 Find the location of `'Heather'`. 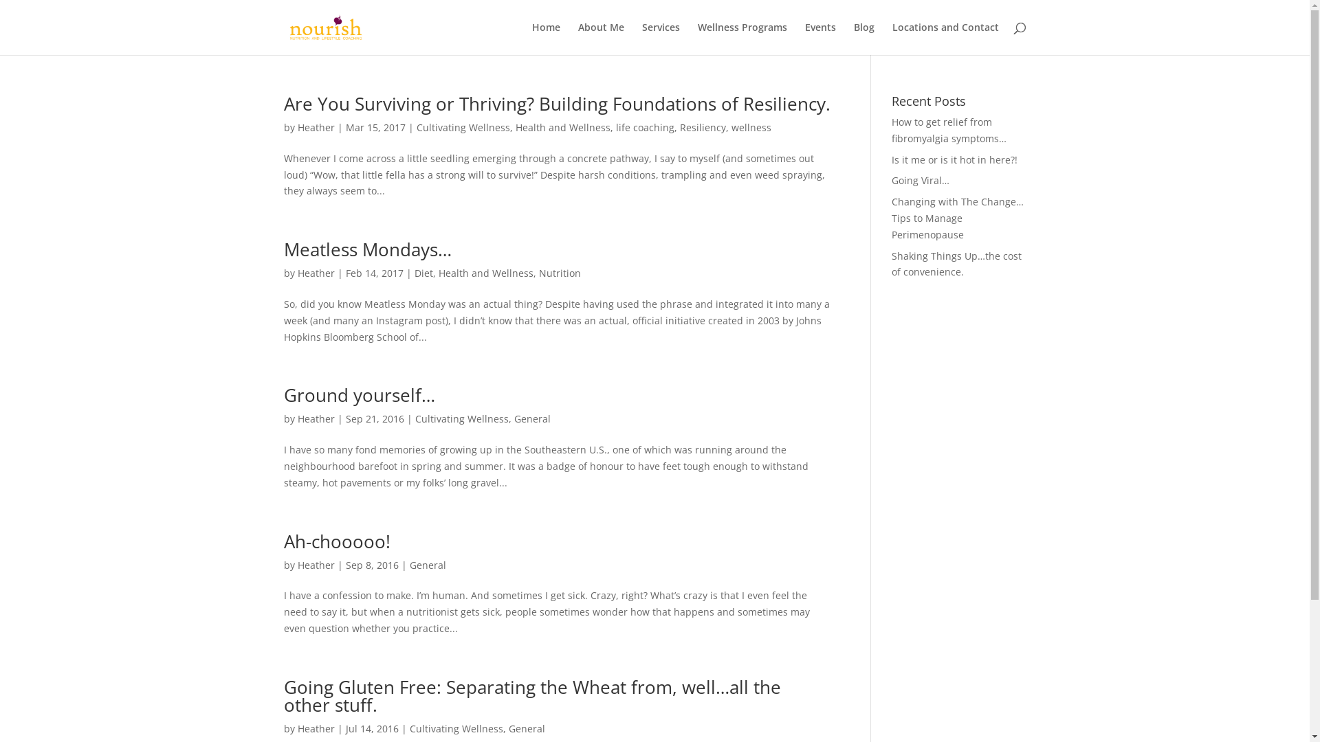

'Heather' is located at coordinates (315, 127).